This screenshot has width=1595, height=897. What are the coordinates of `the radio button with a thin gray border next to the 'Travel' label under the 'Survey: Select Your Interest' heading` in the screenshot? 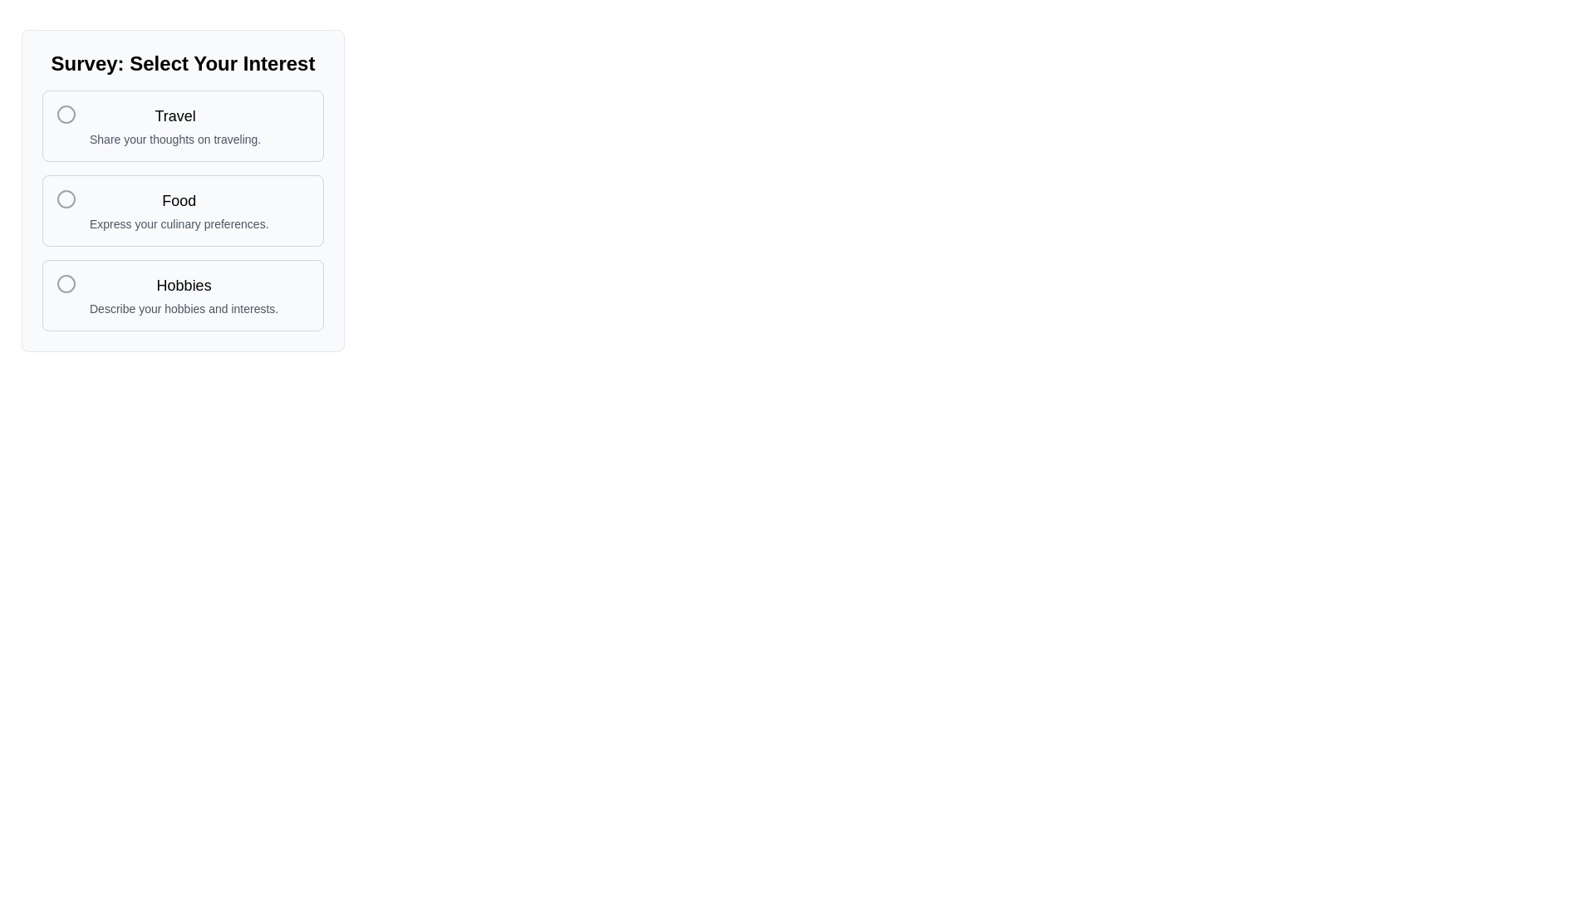 It's located at (66, 114).